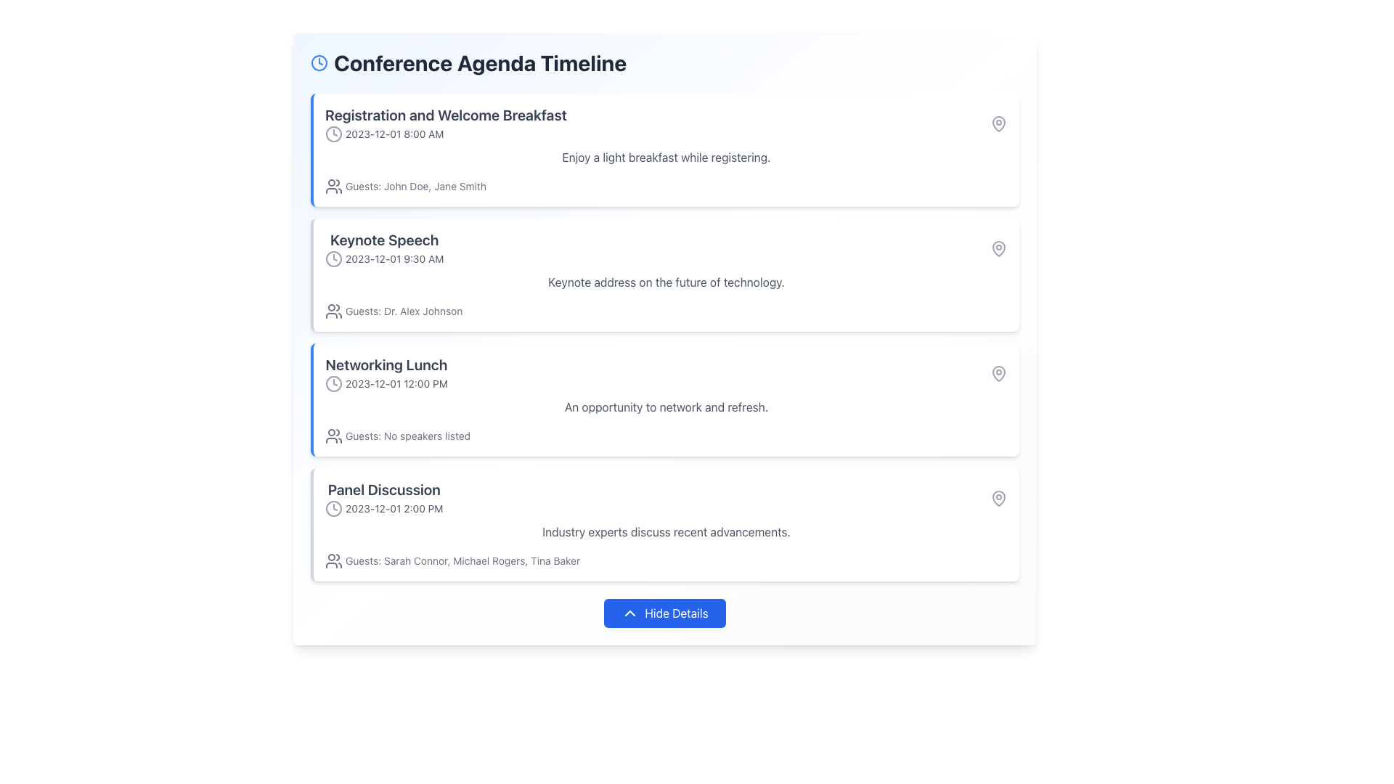  I want to click on static text header element displaying 'Conference Agenda Timeline', which is prominently positioned at the top of the interface, so click(480, 62).